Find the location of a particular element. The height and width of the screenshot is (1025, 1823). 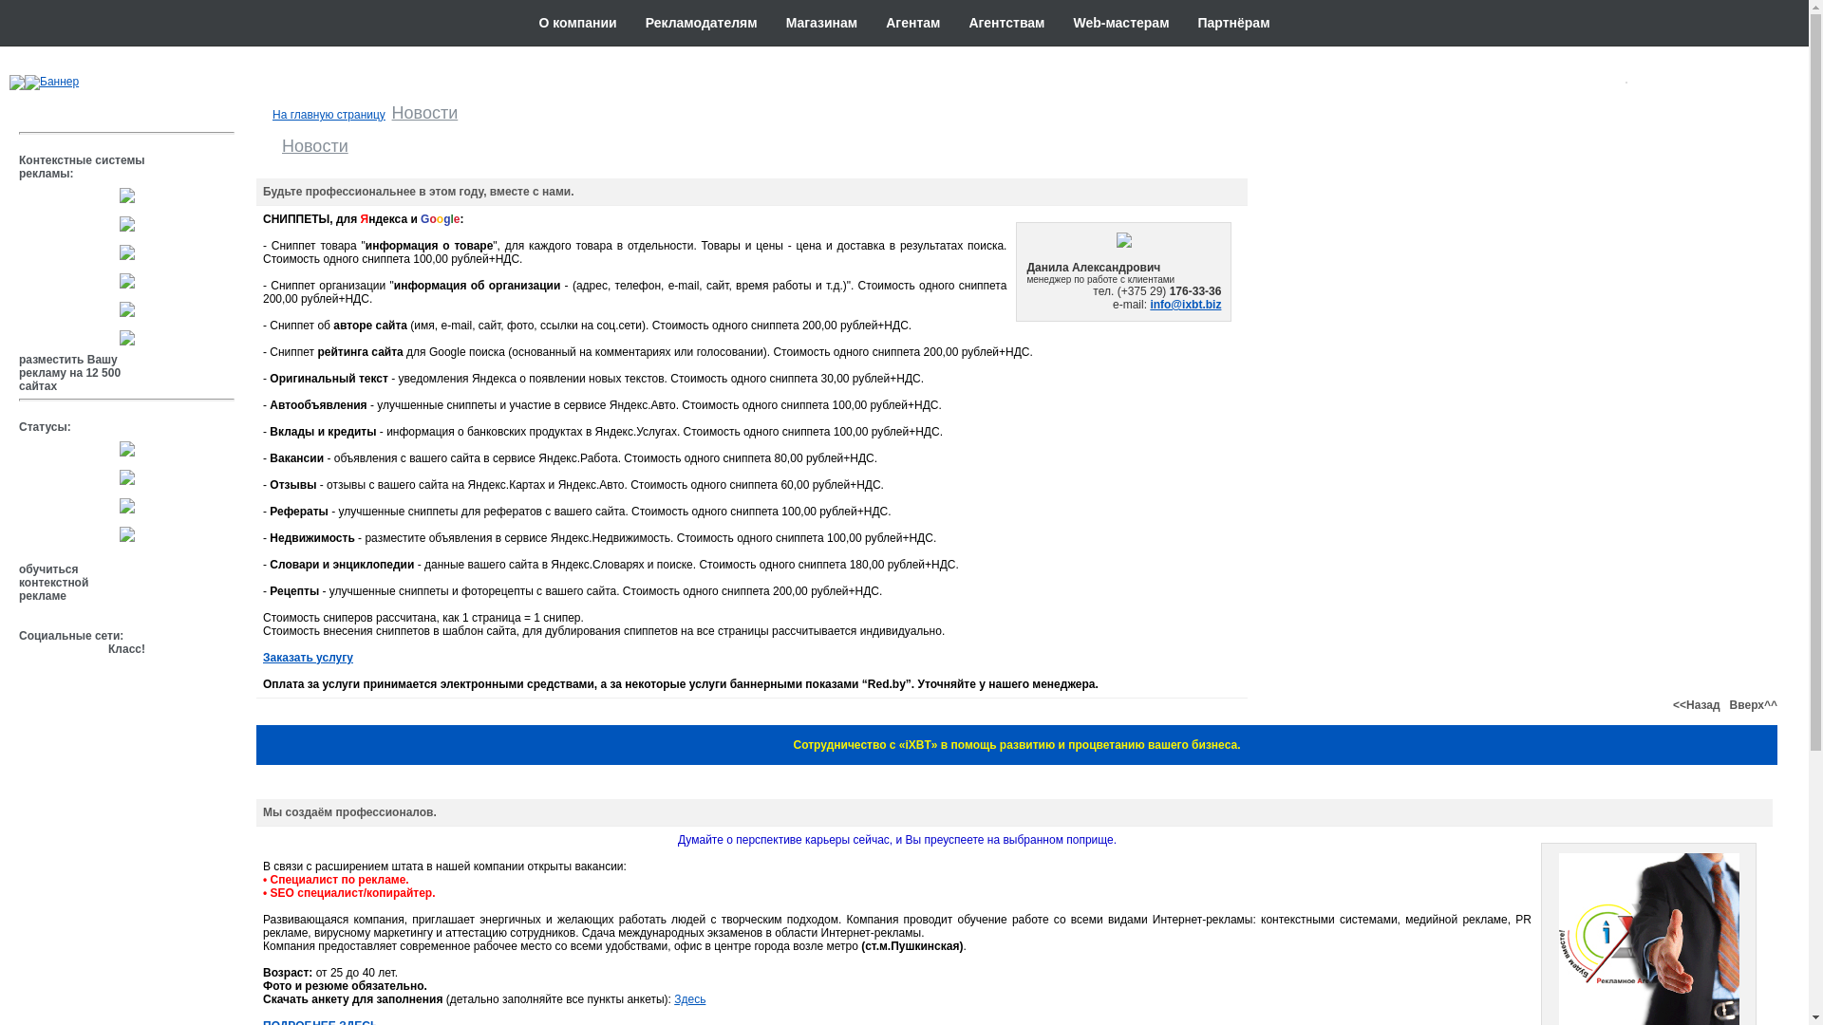

'info@ixbt.biz' is located at coordinates (1184, 303).